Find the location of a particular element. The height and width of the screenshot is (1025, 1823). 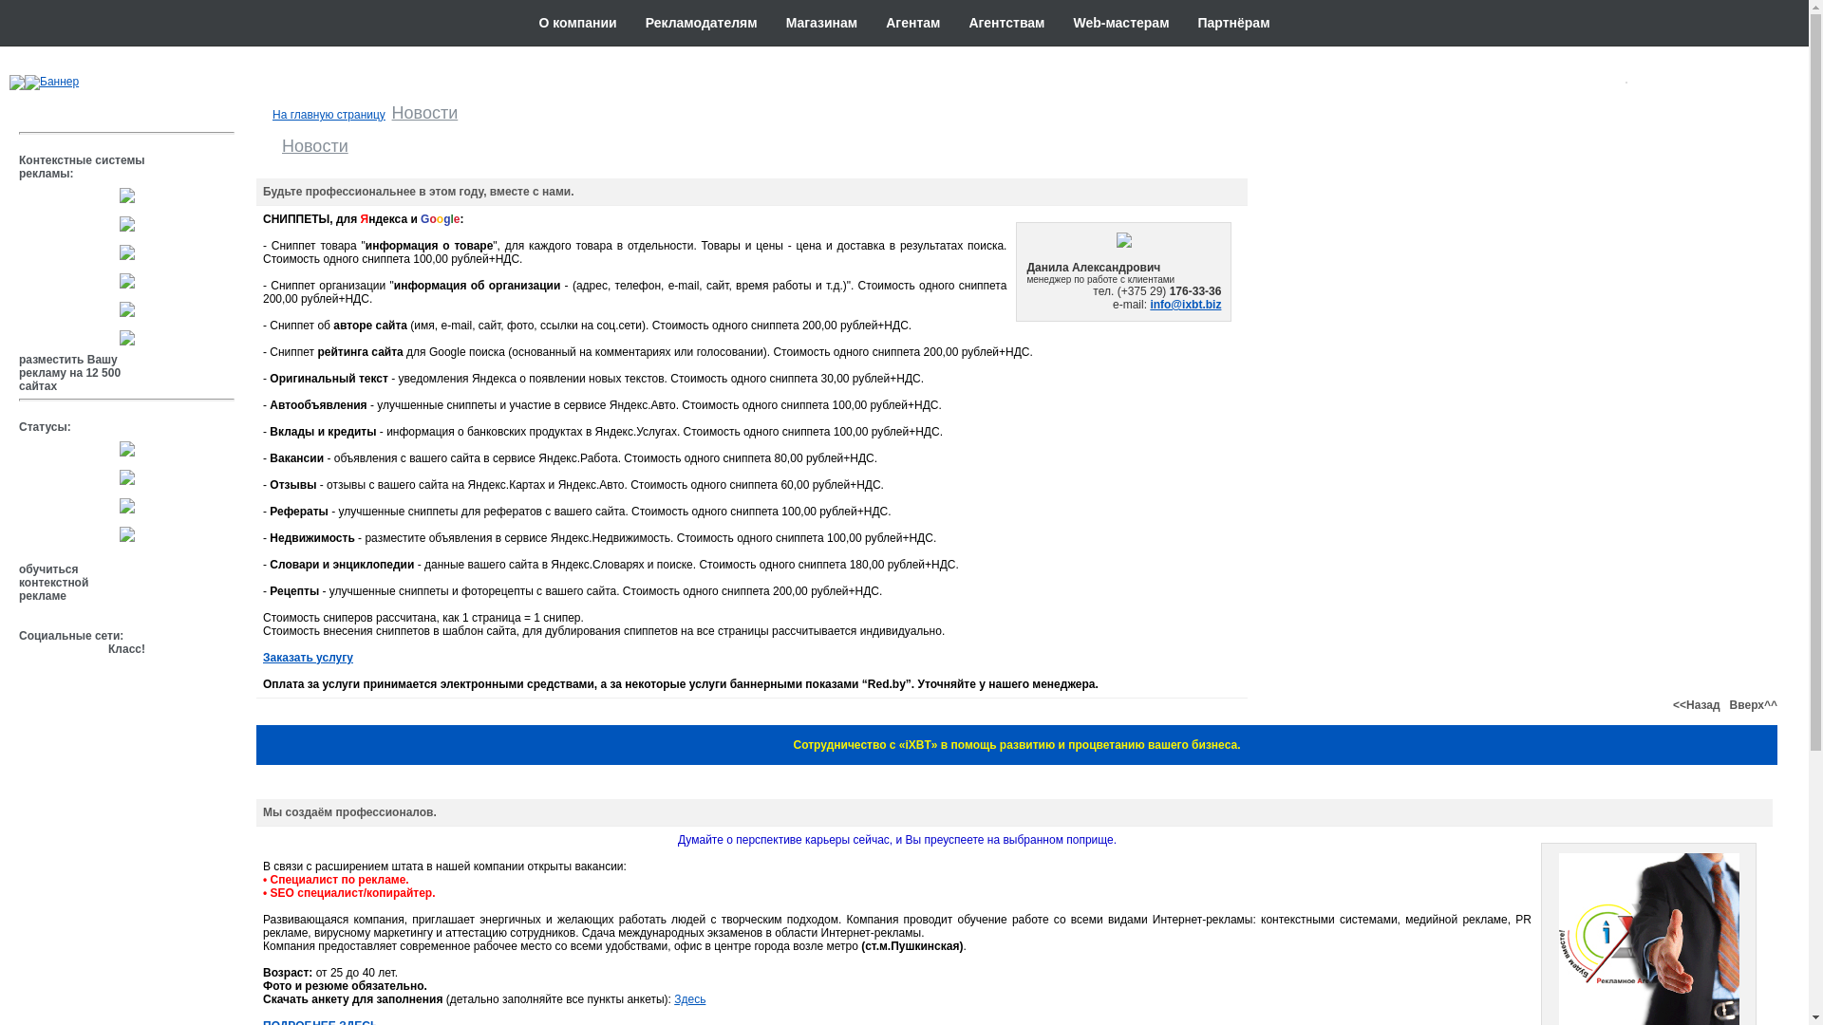

'info@ixbt.biz' is located at coordinates (1184, 303).